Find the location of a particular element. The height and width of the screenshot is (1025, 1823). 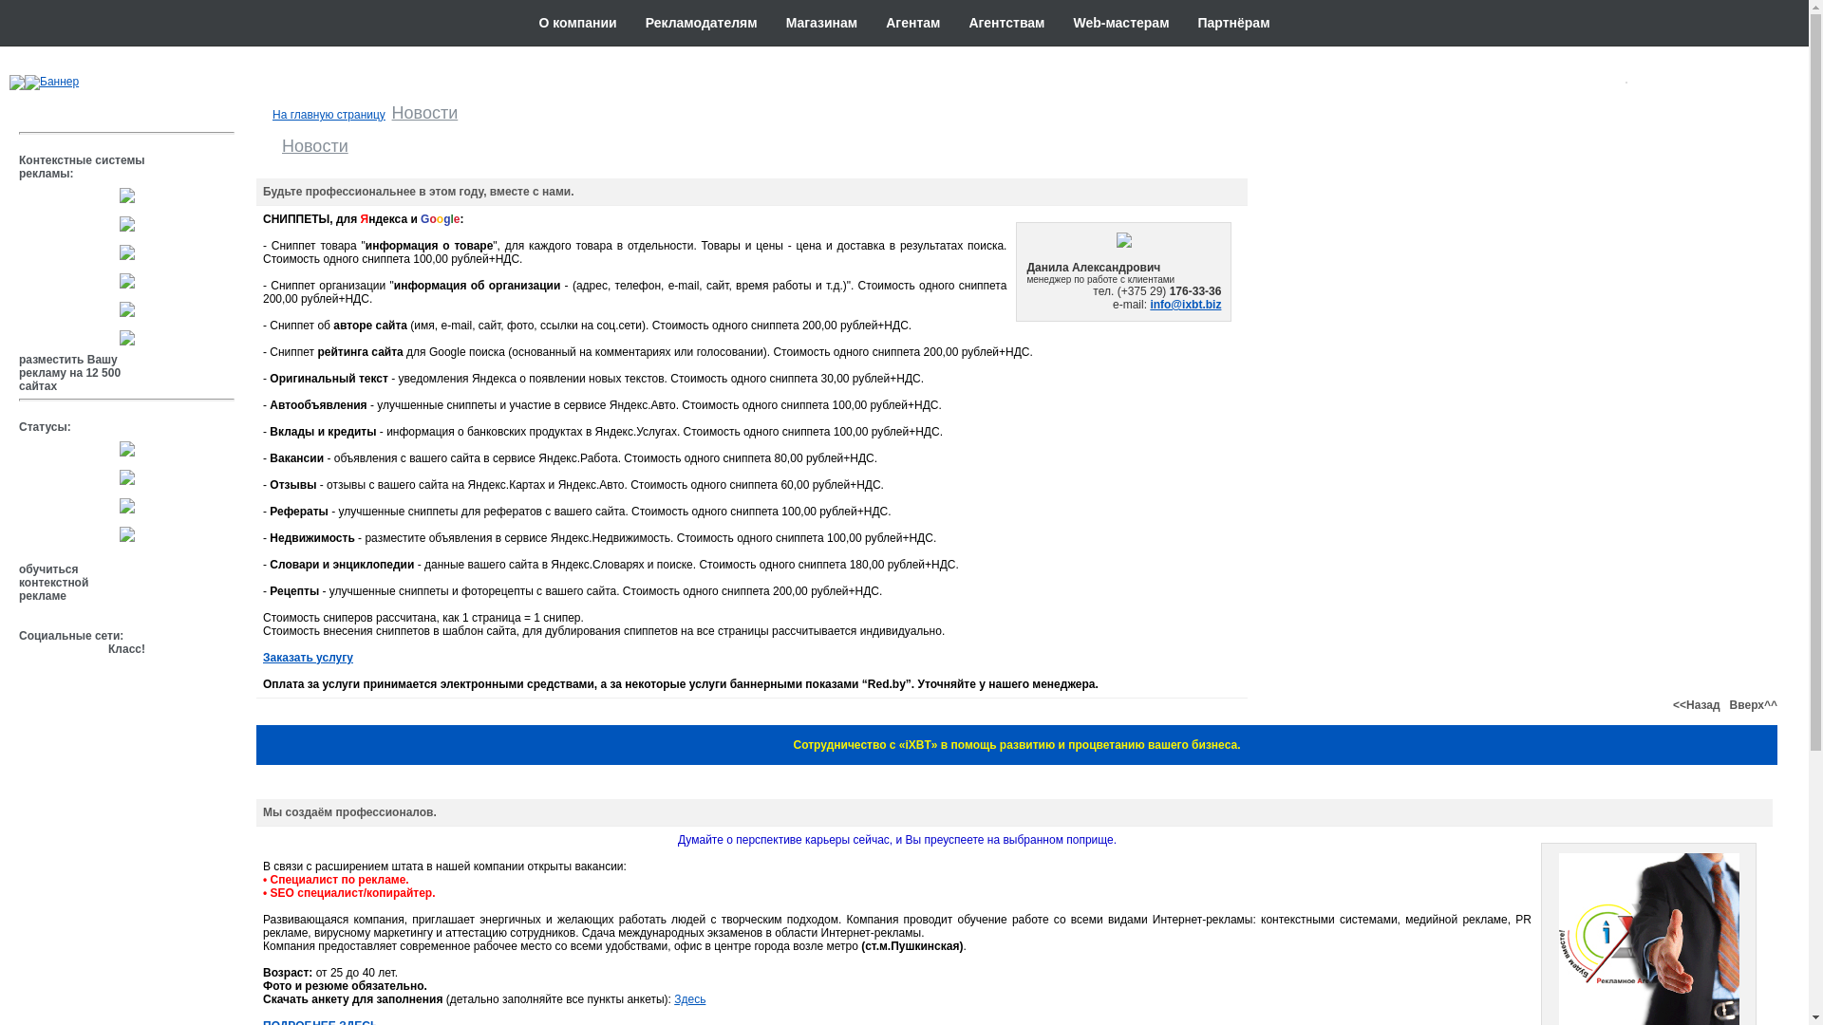

'info@ixbt.biz' is located at coordinates (1184, 303).